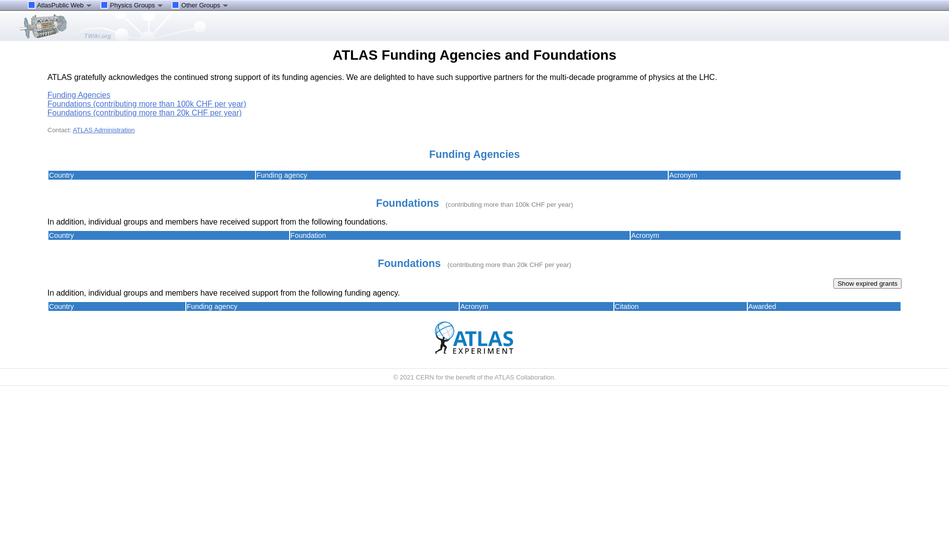 This screenshot has height=533, width=949. What do you see at coordinates (199, 5) in the screenshot?
I see `'Other Groups'` at bounding box center [199, 5].